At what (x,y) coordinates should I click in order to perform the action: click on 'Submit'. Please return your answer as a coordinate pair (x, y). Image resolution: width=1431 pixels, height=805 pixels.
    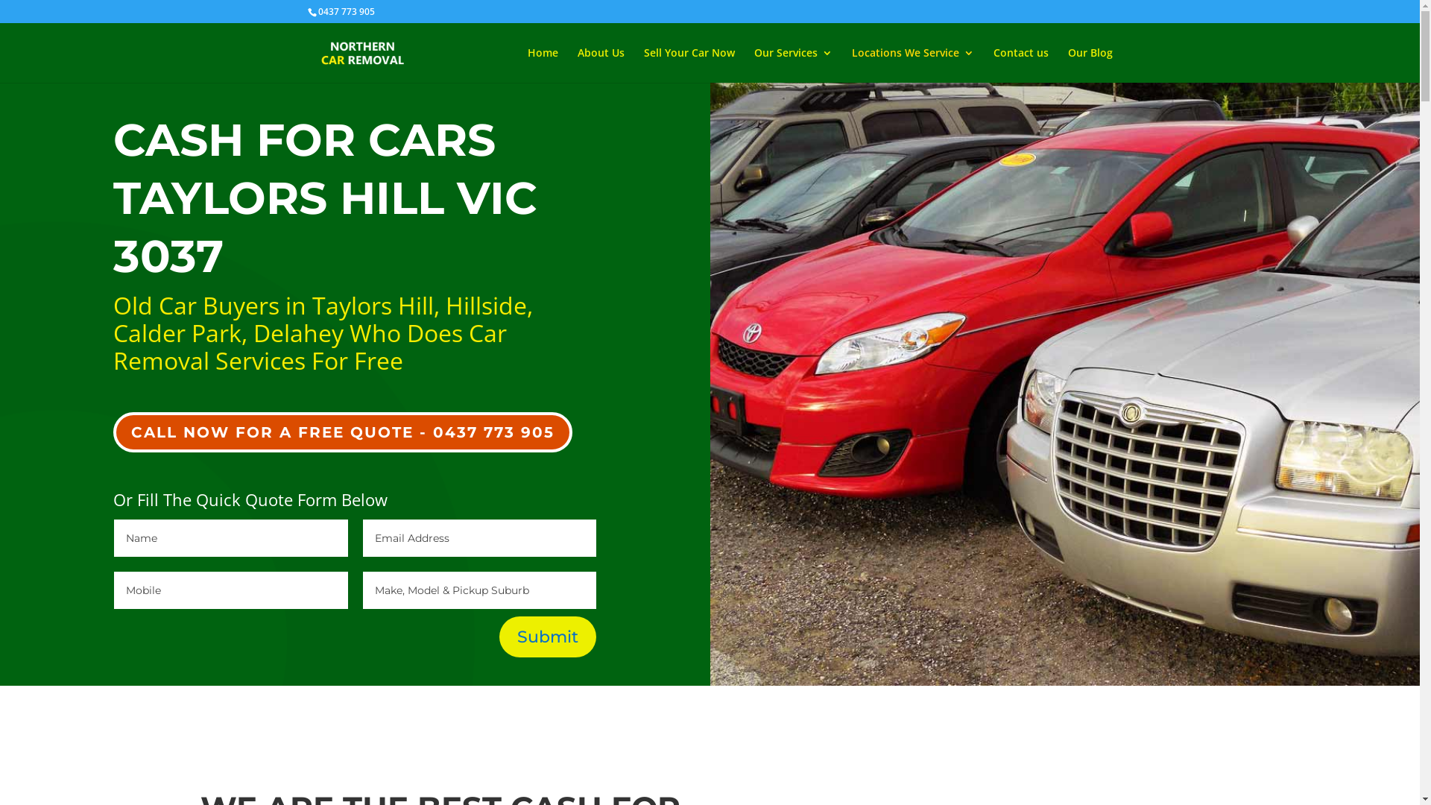
    Looking at the image, I should click on (546, 637).